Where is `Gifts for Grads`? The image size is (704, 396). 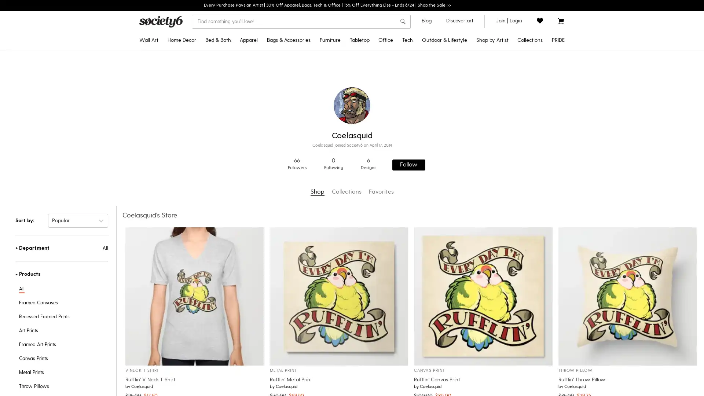
Gifts for Grads is located at coordinates (503, 71).